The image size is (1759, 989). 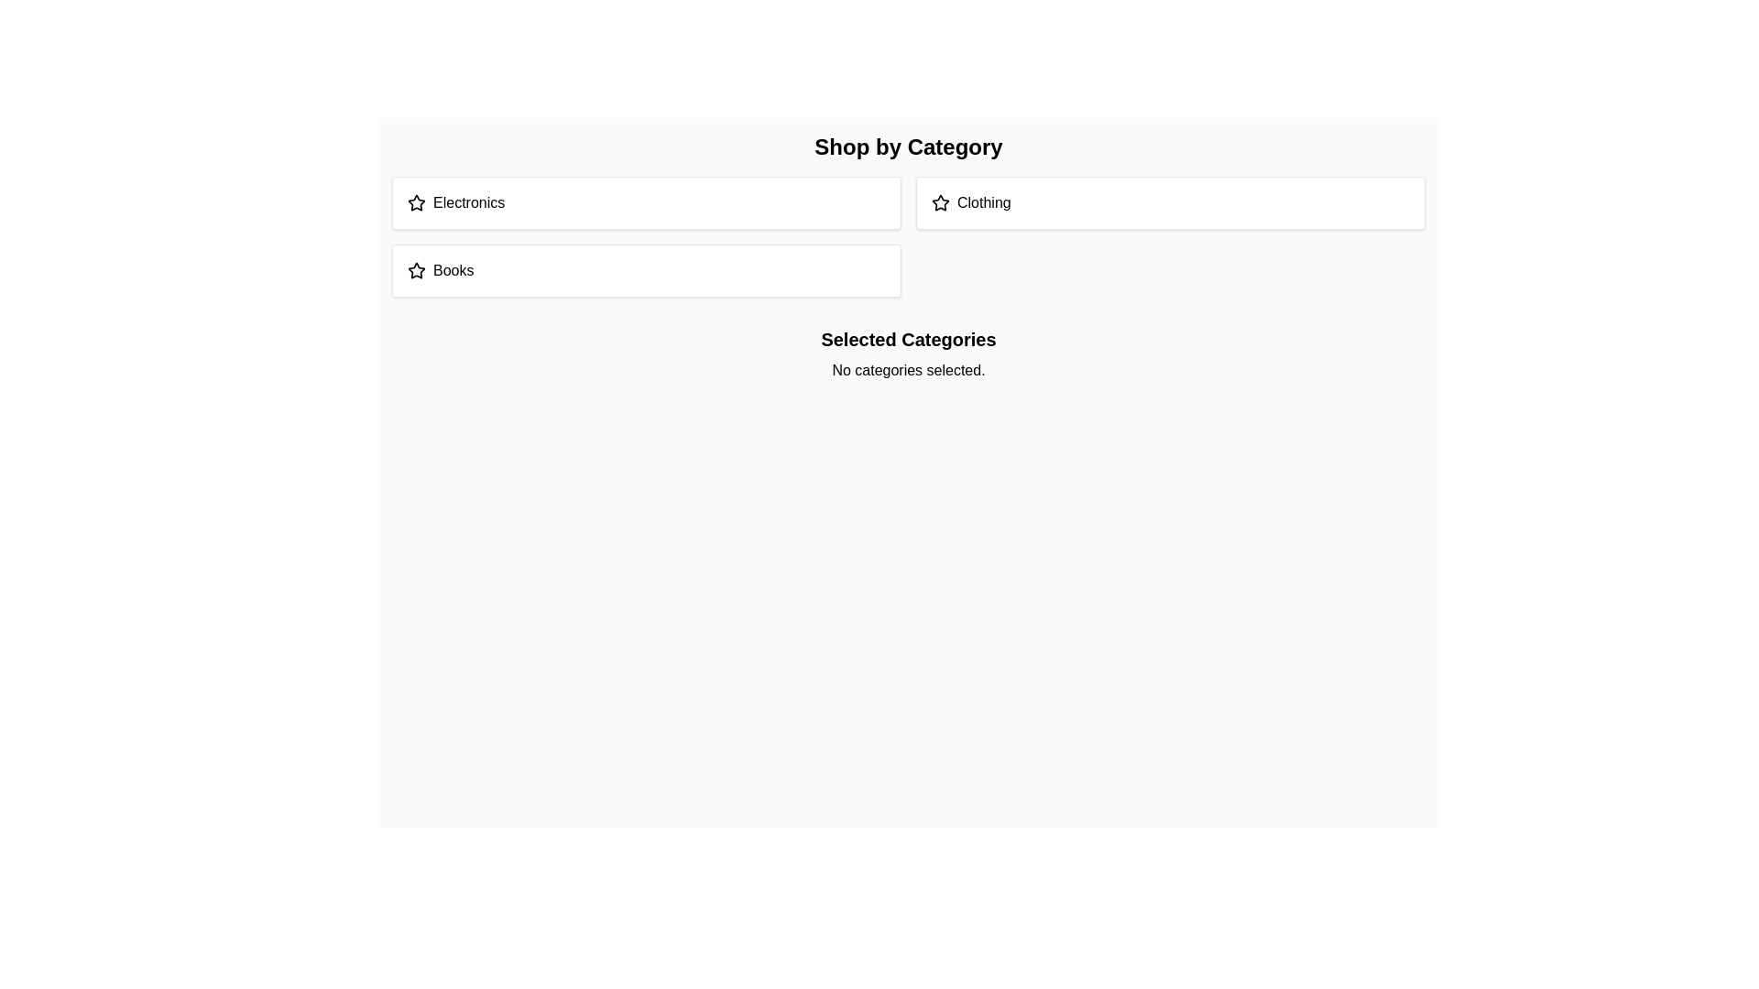 What do you see at coordinates (416, 270) in the screenshot?
I see `the star icon representing the 'Books' category, positioned to the left of the 'Books' text label in the second row of the vertical list of categories` at bounding box center [416, 270].